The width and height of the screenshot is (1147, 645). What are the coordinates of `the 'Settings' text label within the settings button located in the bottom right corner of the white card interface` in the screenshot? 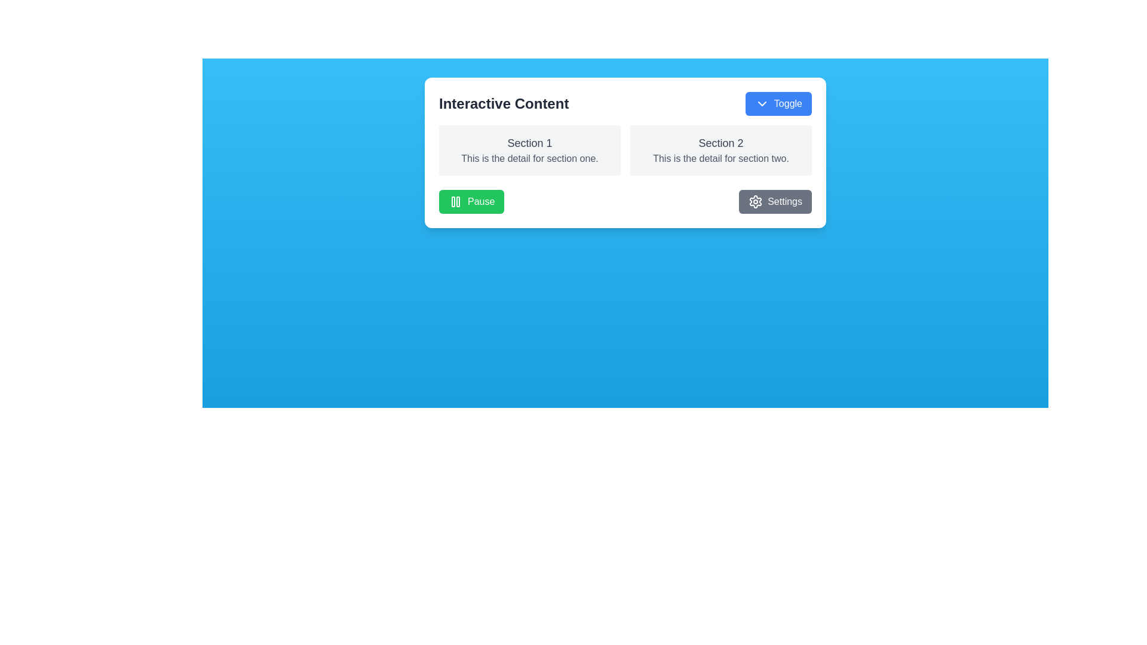 It's located at (785, 201).